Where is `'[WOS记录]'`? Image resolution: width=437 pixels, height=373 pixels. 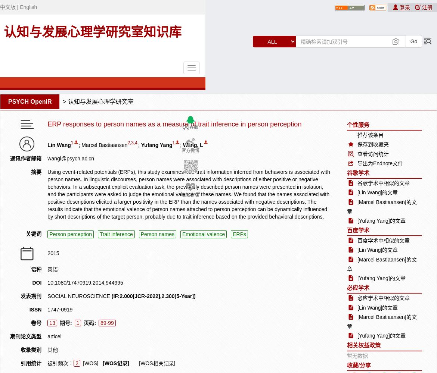
'[WOS记录]' is located at coordinates (115, 363).